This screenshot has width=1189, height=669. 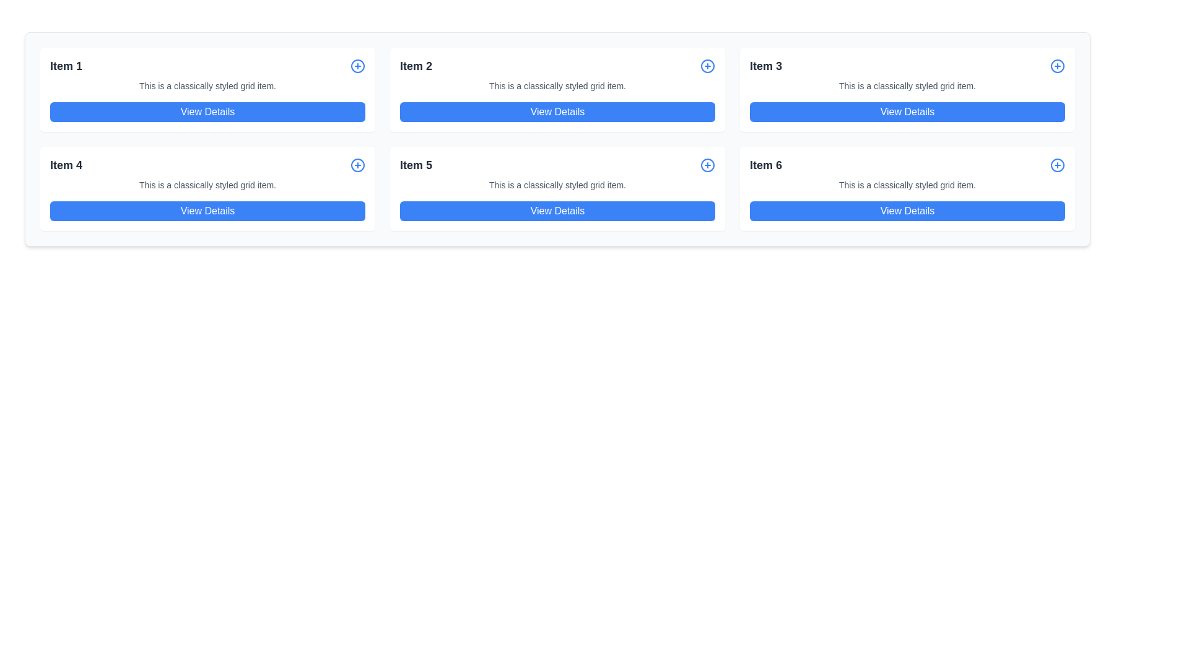 What do you see at coordinates (557, 85) in the screenshot?
I see `the descriptive text element located within the second grid item labeled 'Item 2', positioned between the title 'Item 2' and the 'View Details' button` at bounding box center [557, 85].